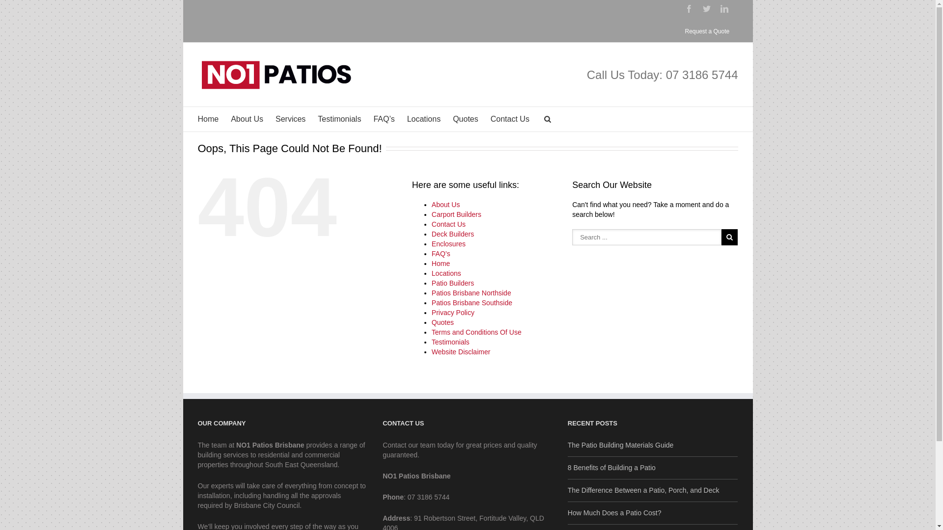 The image size is (943, 530). Describe the element at coordinates (448, 243) in the screenshot. I see `'Enclosures'` at that location.